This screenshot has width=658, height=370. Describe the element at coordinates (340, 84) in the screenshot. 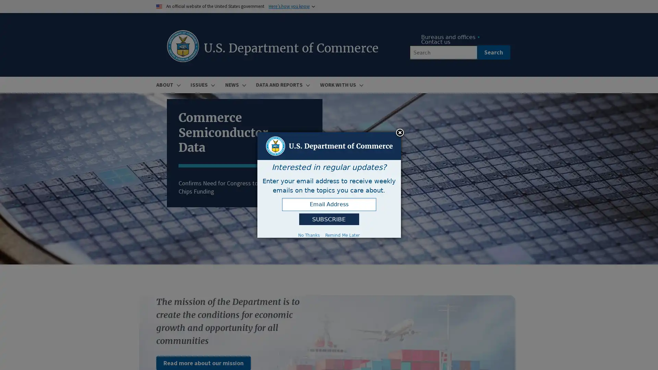

I see `WORK WITH US` at that location.